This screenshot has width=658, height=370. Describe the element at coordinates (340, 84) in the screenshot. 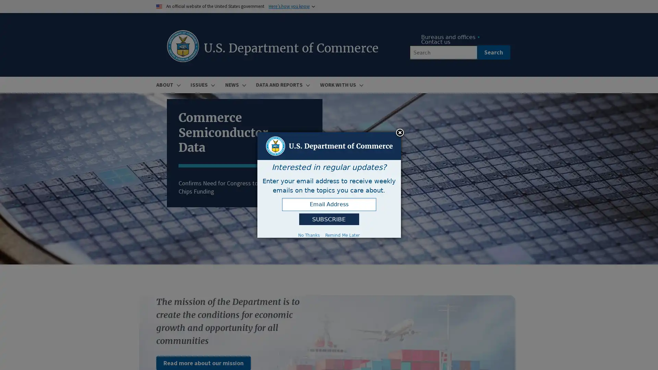

I see `WORK WITH US` at that location.